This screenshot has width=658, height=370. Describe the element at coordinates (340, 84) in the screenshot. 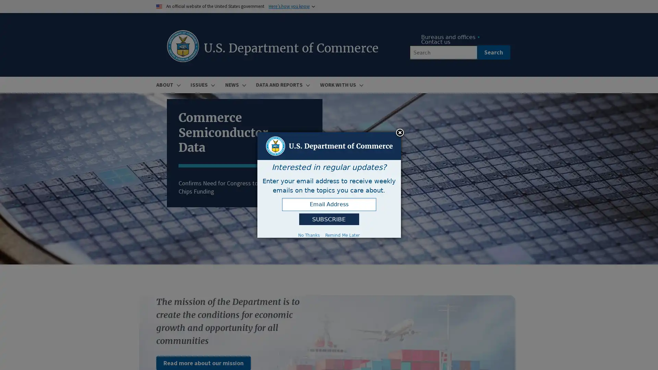

I see `WORK WITH US` at that location.